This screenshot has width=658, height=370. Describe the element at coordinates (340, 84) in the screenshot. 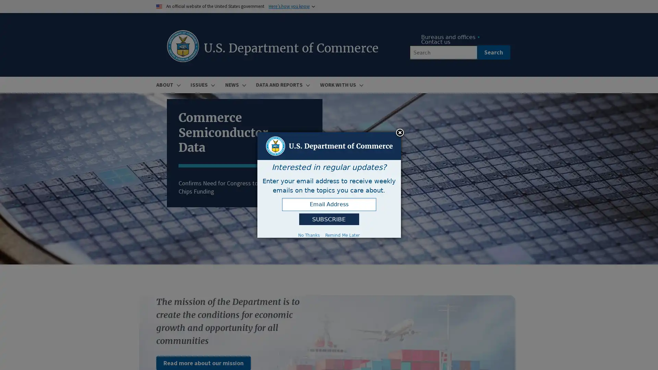

I see `WORK WITH US` at that location.